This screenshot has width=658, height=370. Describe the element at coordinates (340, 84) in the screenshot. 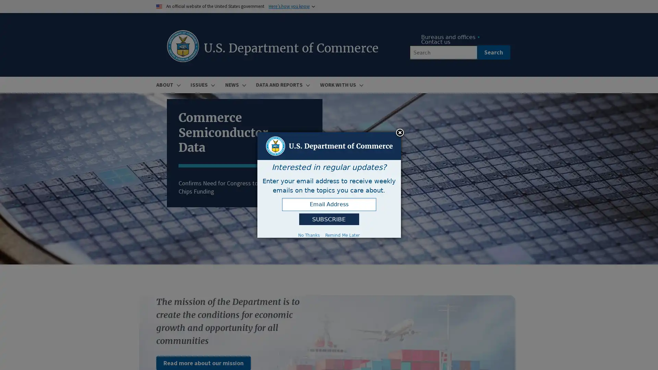

I see `WORK WITH US` at that location.